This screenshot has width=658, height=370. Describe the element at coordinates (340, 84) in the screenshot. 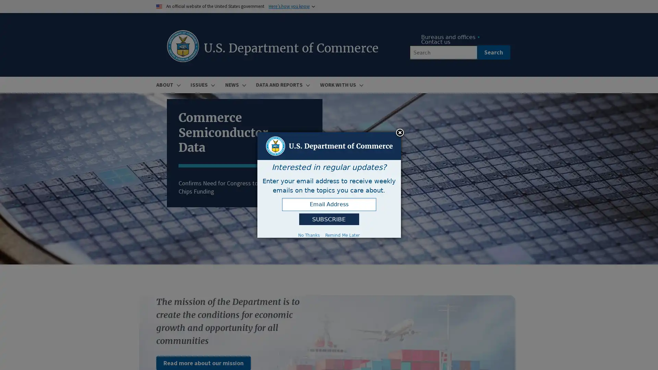

I see `WORK WITH US` at that location.